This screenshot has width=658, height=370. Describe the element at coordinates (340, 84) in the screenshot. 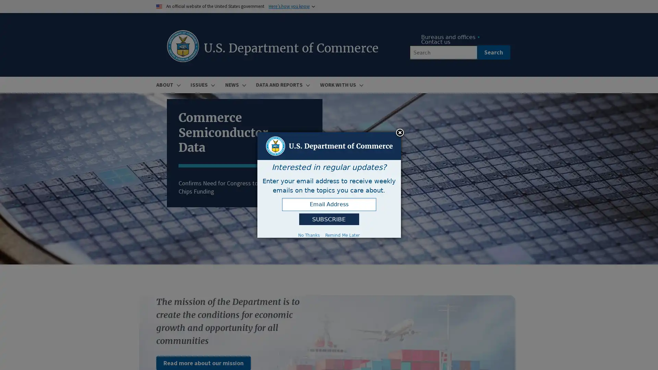

I see `WORK WITH US` at that location.